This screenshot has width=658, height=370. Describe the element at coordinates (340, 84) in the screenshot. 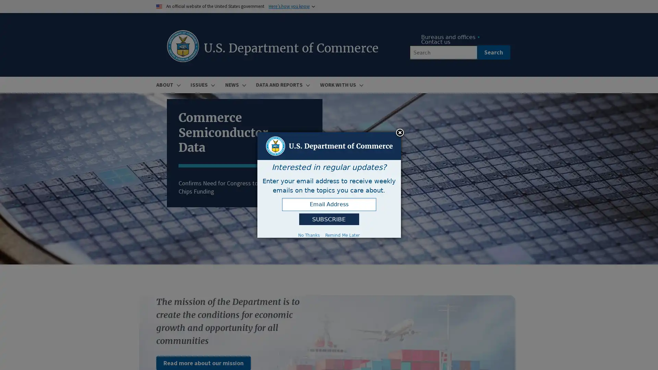

I see `WORK WITH US` at that location.